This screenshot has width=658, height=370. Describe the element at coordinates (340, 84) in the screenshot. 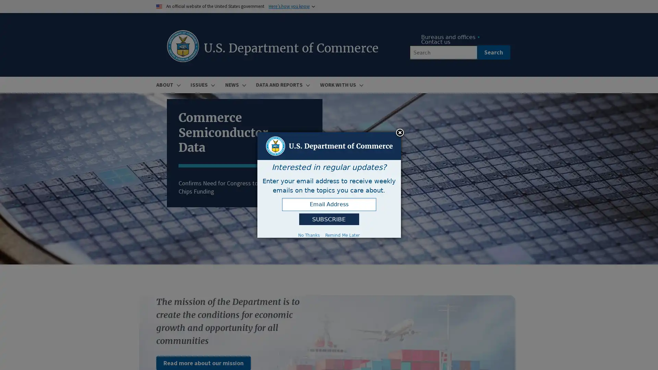

I see `WORK WITH US` at that location.